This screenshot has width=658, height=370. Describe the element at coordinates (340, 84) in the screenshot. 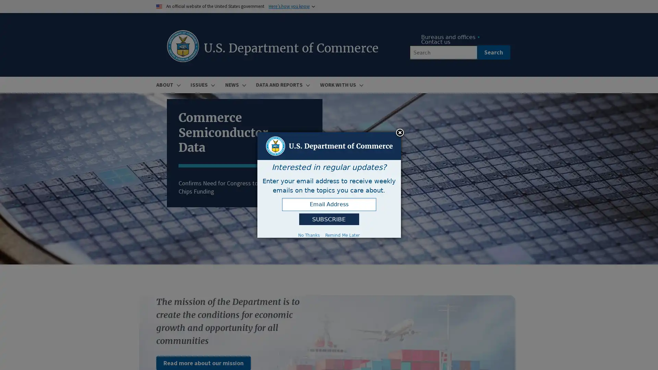

I see `WORK WITH US` at that location.